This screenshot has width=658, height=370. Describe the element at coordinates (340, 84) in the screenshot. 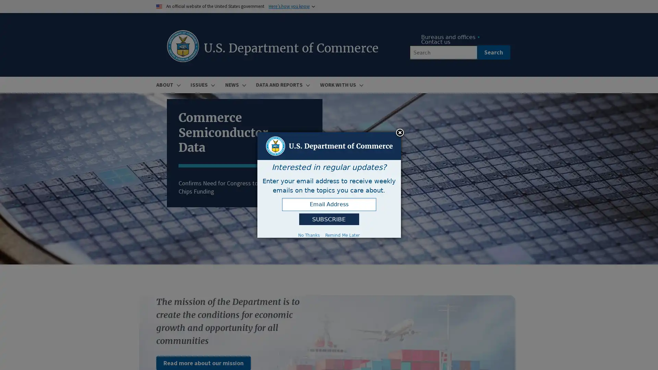

I see `WORK WITH US` at that location.